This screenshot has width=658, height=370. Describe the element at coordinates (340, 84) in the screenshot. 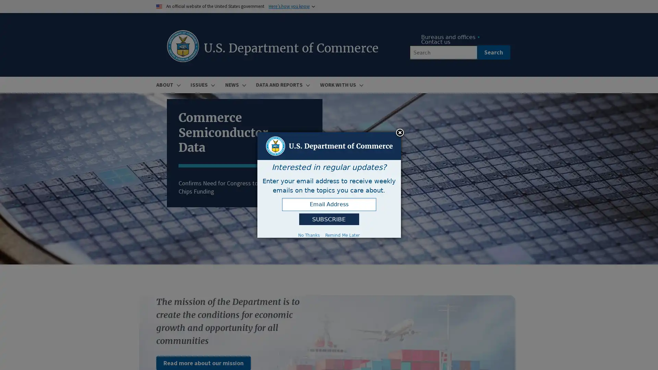

I see `WORK WITH US` at that location.